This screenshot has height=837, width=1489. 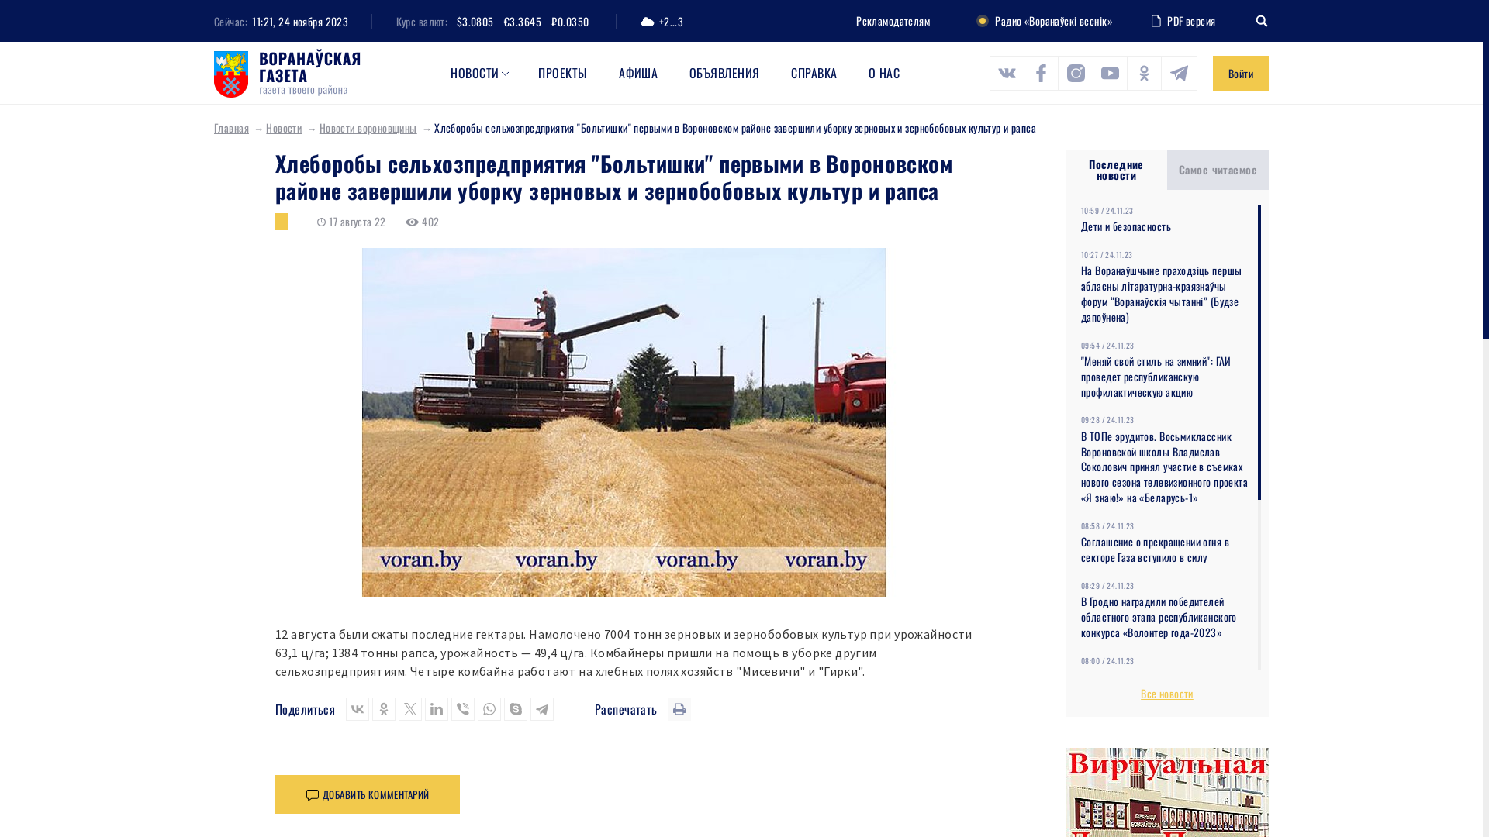 What do you see at coordinates (435, 708) in the screenshot?
I see `'LinkedIn'` at bounding box center [435, 708].